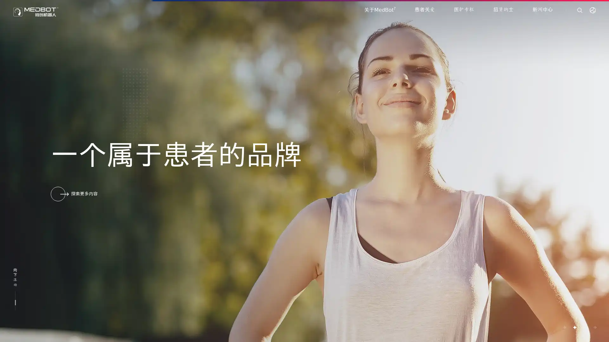 The image size is (609, 342). What do you see at coordinates (574, 327) in the screenshot?
I see `Go to slide 2` at bounding box center [574, 327].